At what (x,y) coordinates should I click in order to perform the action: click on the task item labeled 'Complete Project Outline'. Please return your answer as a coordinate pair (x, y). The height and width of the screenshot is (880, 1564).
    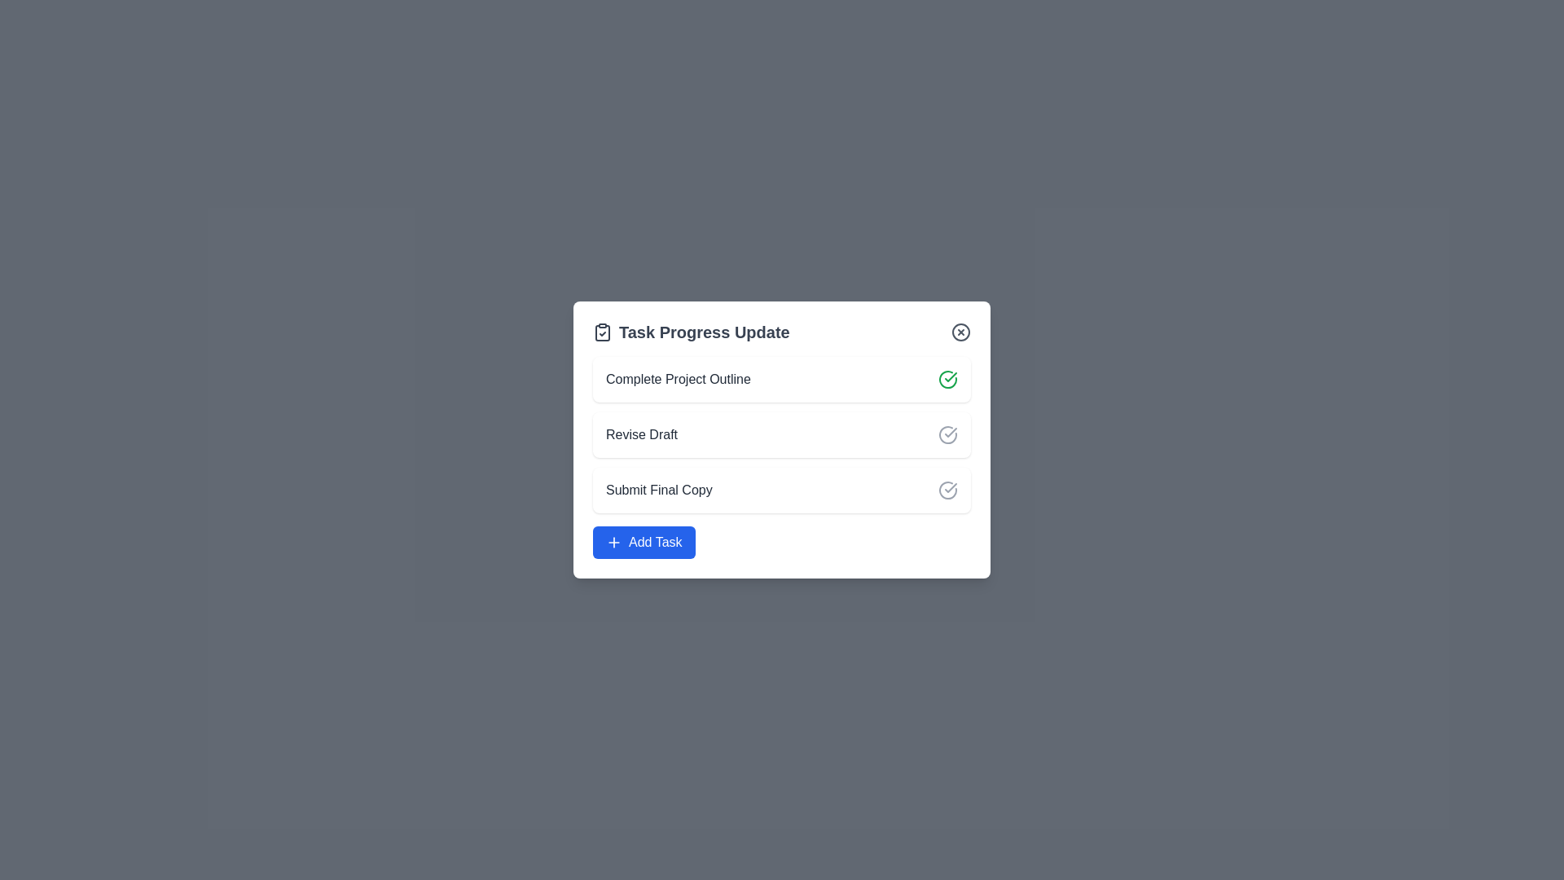
    Looking at the image, I should click on (782, 380).